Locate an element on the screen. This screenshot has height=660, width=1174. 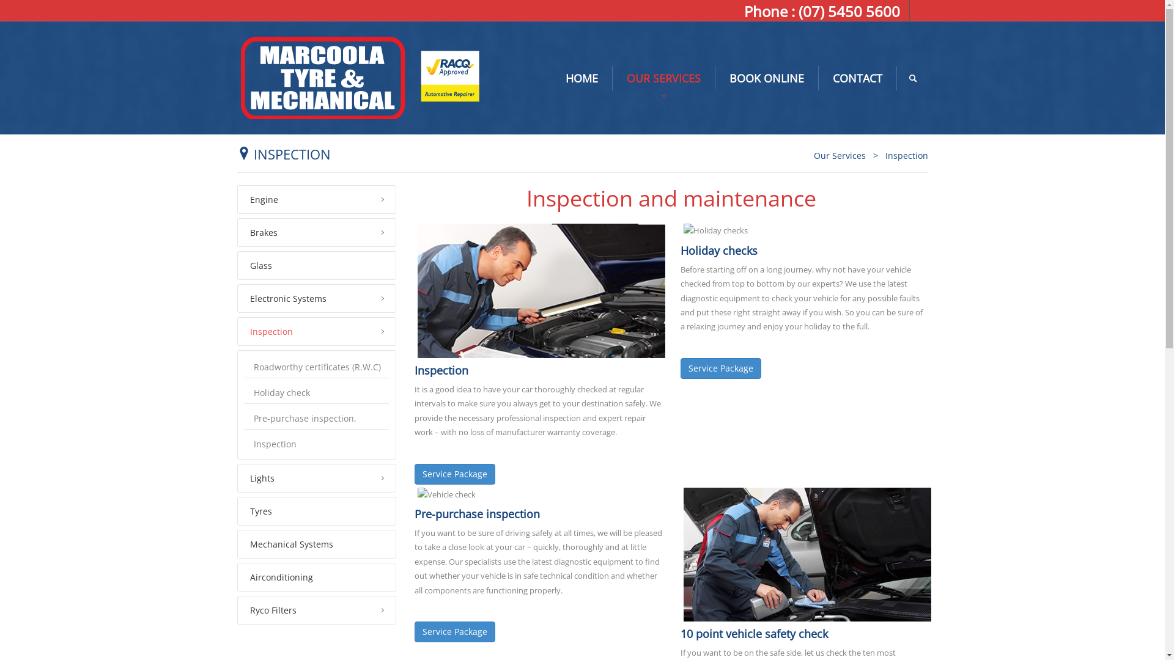
'HOME' is located at coordinates (551, 78).